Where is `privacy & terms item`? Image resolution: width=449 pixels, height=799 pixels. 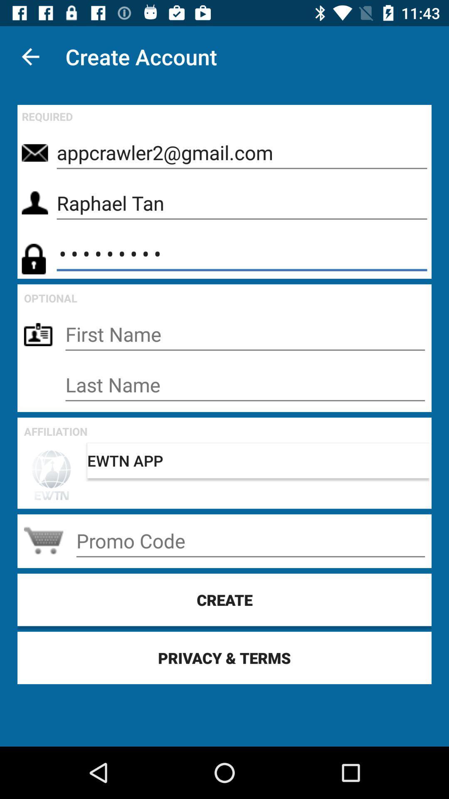 privacy & terms item is located at coordinates (224, 657).